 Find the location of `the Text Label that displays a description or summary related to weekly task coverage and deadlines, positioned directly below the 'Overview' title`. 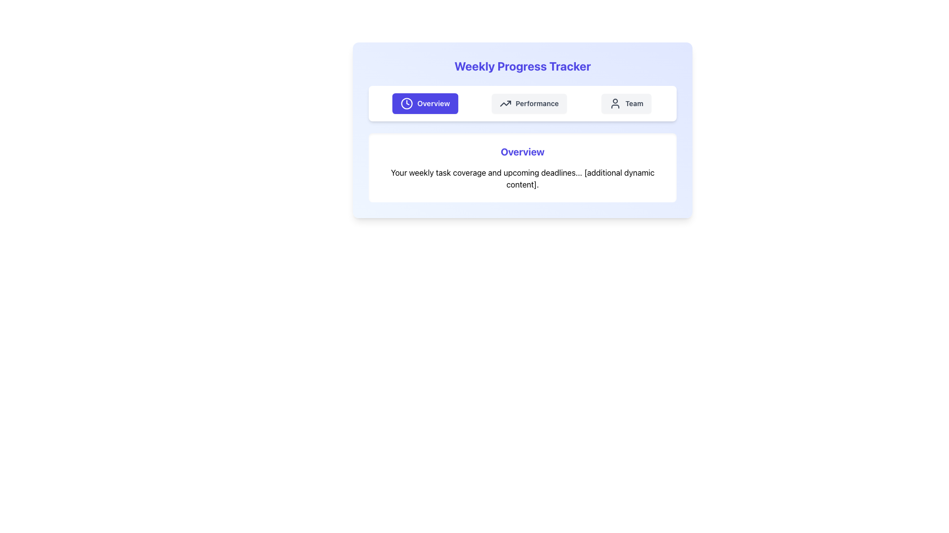

the Text Label that displays a description or summary related to weekly task coverage and deadlines, positioned directly below the 'Overview' title is located at coordinates (522, 179).